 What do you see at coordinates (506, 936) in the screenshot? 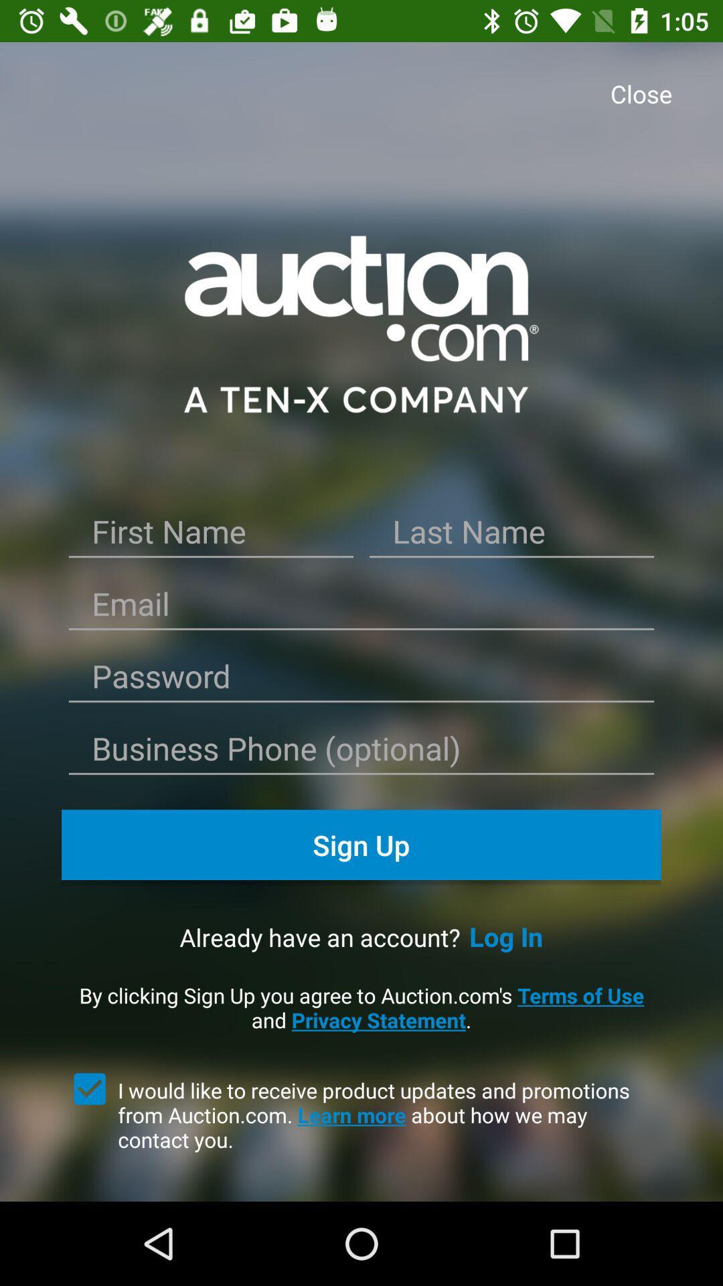
I see `item at the bottom right corner` at bounding box center [506, 936].